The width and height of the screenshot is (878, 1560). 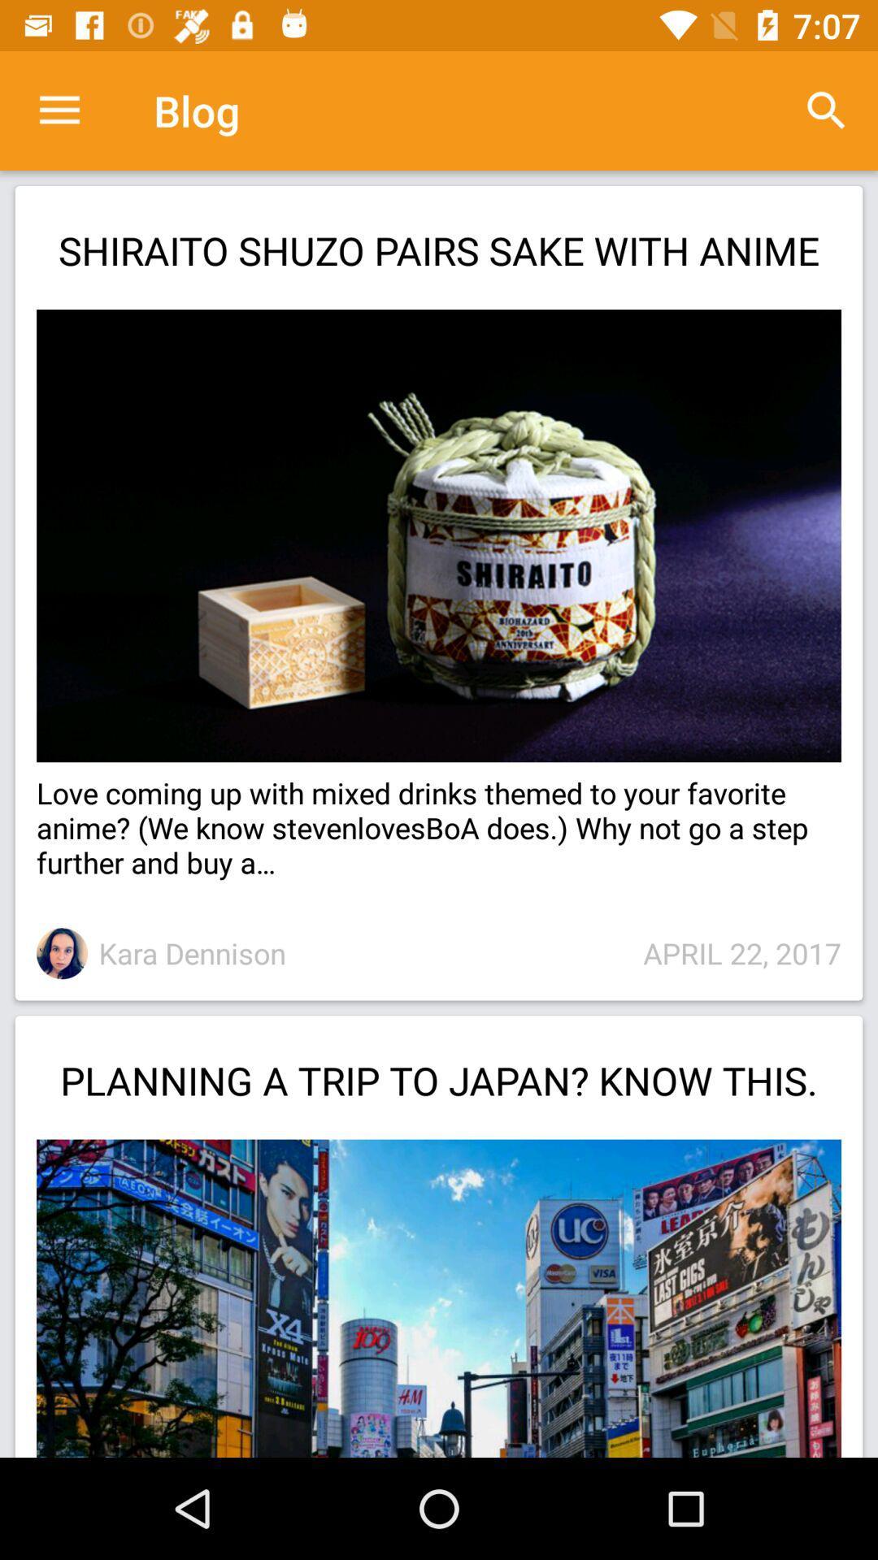 What do you see at coordinates (827, 110) in the screenshot?
I see `the item next to the blog` at bounding box center [827, 110].